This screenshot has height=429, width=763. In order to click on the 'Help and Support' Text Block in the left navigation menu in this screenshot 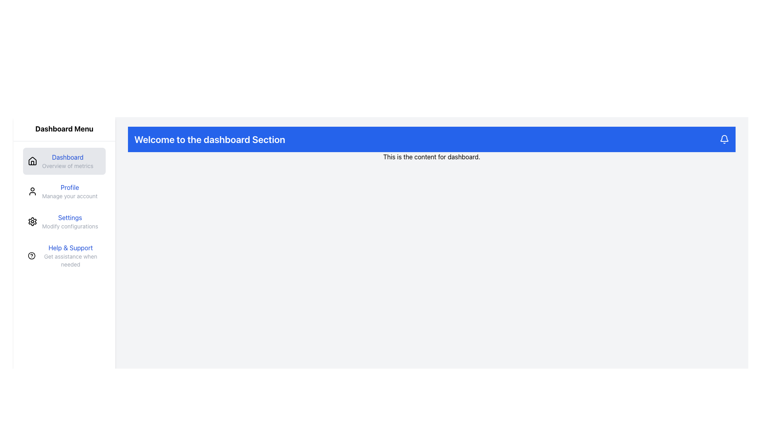, I will do `click(70, 256)`.